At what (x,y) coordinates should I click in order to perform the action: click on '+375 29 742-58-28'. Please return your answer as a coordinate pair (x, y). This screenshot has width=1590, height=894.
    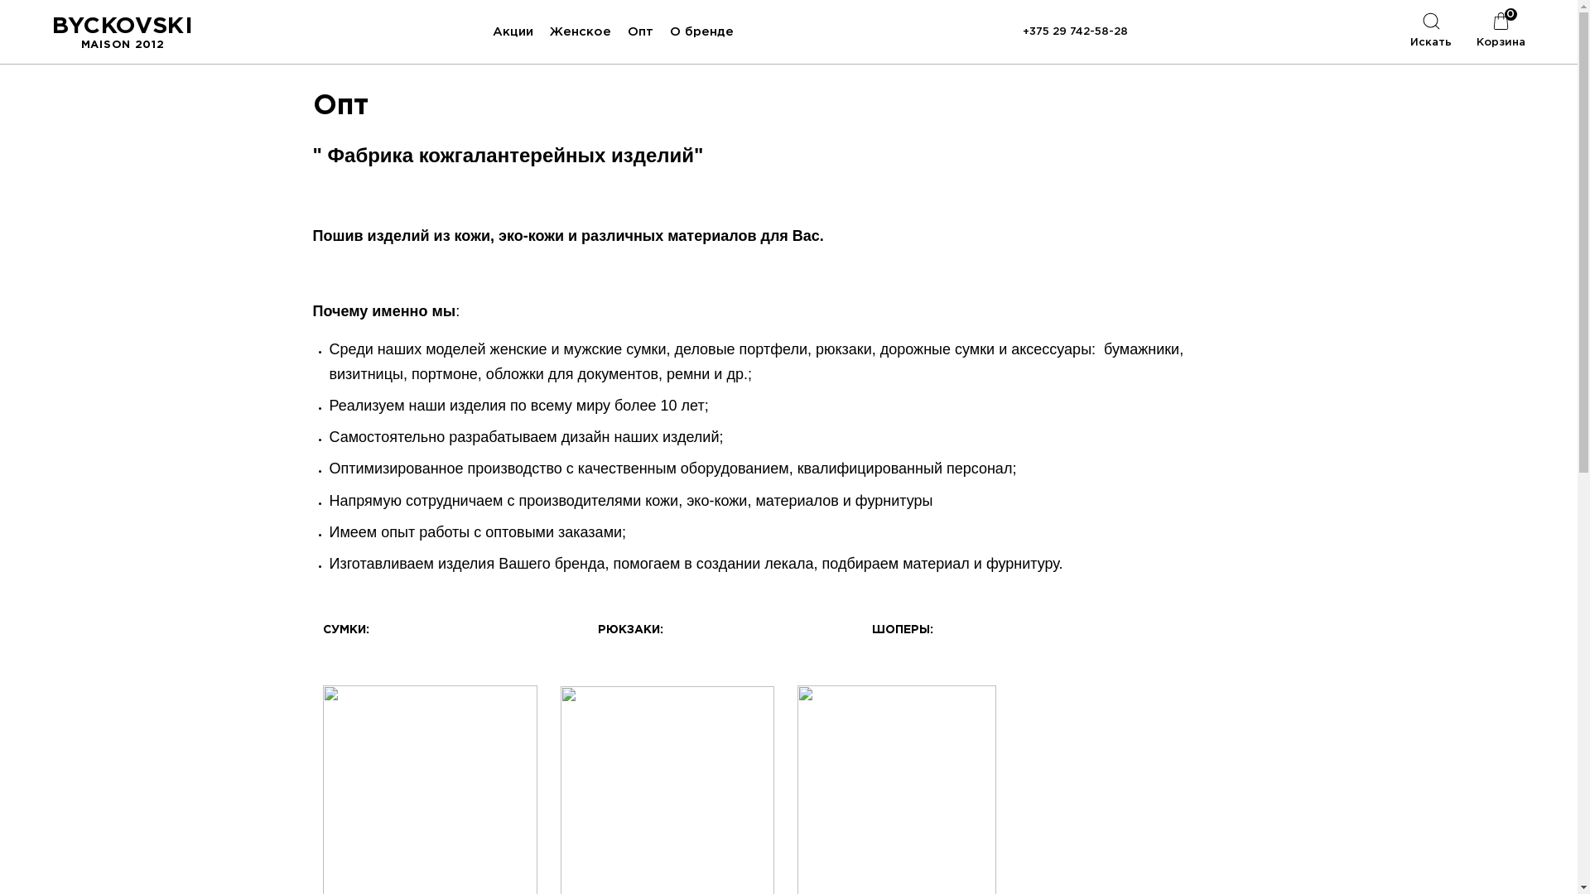
    Looking at the image, I should click on (1075, 31).